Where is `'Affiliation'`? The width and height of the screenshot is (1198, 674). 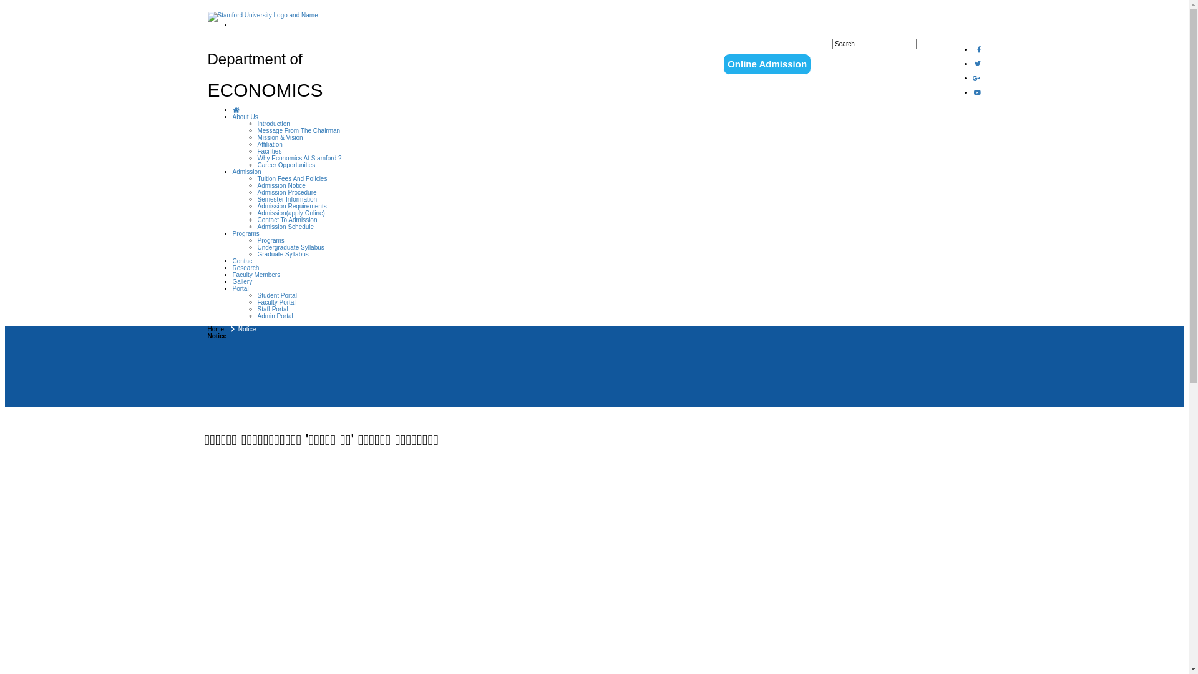
'Affiliation' is located at coordinates (269, 144).